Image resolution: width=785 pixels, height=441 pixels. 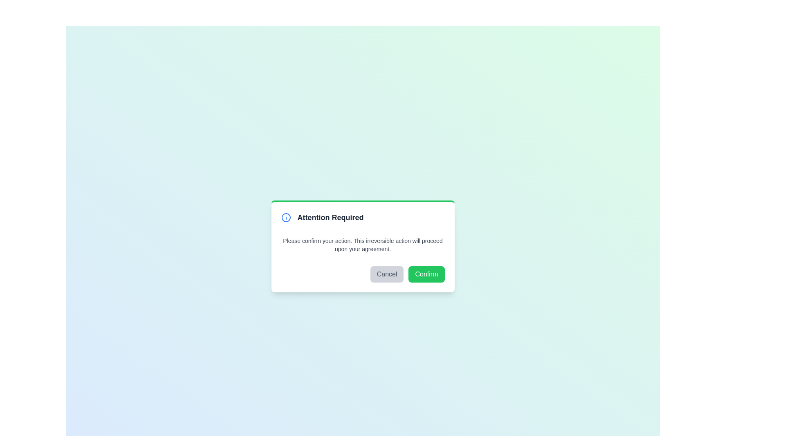 I want to click on the text of the bold header titled 'Attention Required' by hovering and dragging from its center point, so click(x=330, y=217).